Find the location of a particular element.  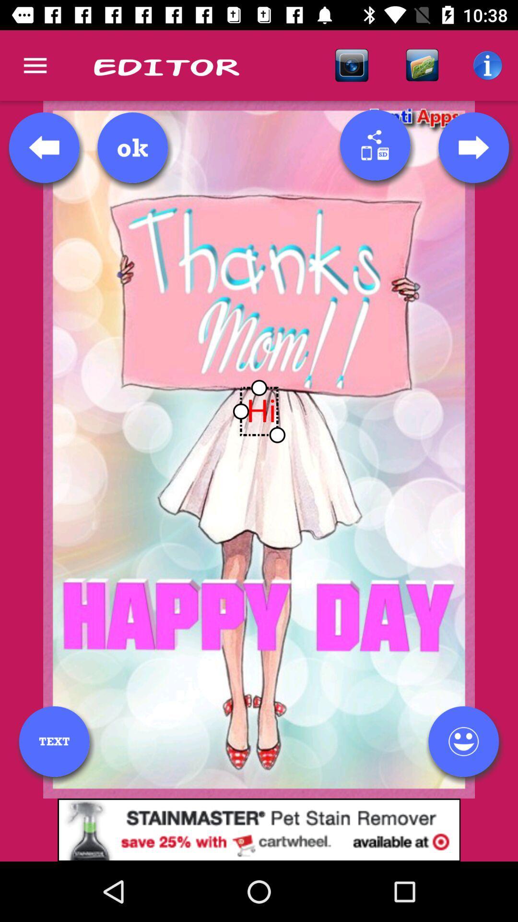

the emoji icon is located at coordinates (463, 741).